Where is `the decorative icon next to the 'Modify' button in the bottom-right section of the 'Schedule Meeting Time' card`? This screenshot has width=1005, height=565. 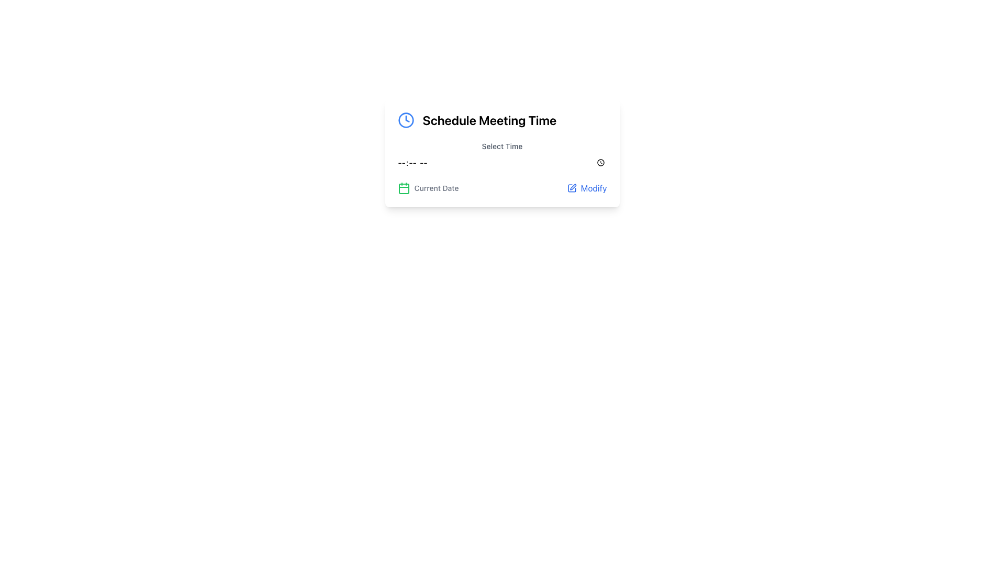 the decorative icon next to the 'Modify' button in the bottom-right section of the 'Schedule Meeting Time' card is located at coordinates (571, 187).